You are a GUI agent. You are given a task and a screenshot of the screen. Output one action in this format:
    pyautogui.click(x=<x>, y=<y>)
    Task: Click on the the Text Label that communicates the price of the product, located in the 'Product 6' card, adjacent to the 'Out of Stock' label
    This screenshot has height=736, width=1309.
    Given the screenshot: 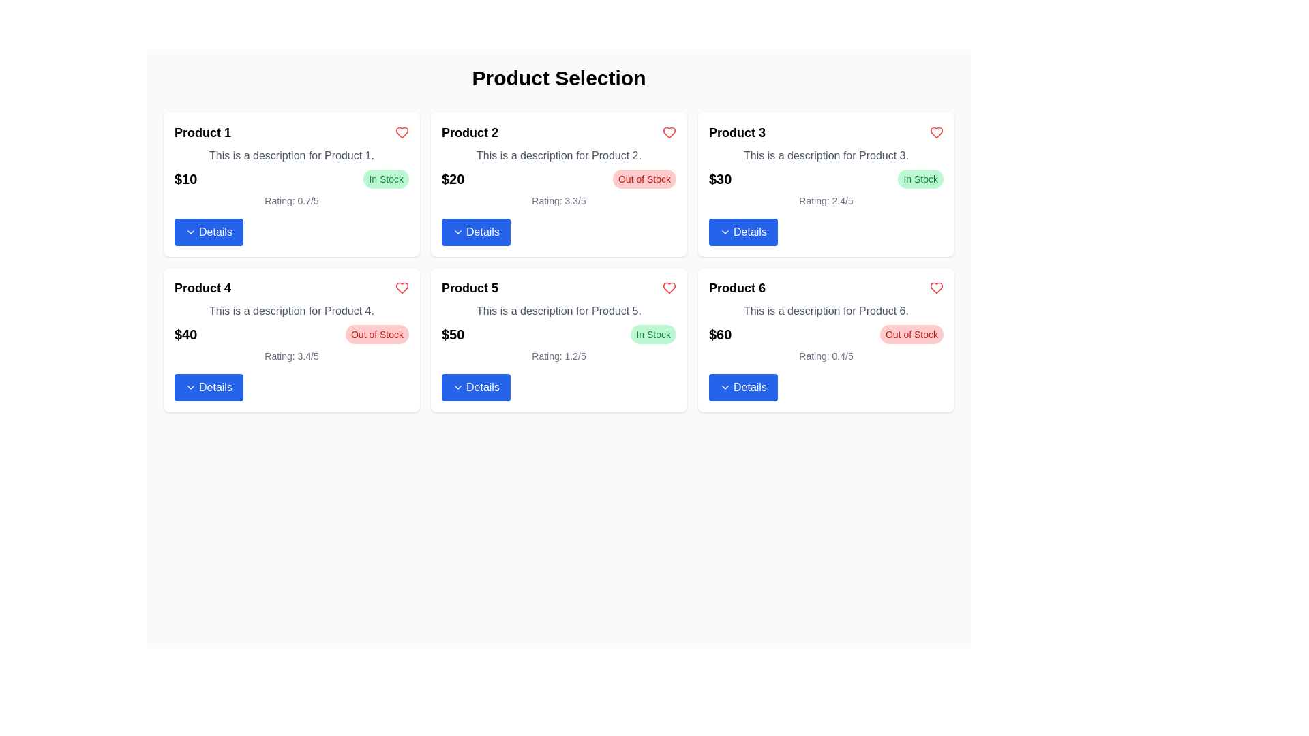 What is the action you would take?
    pyautogui.click(x=719, y=334)
    